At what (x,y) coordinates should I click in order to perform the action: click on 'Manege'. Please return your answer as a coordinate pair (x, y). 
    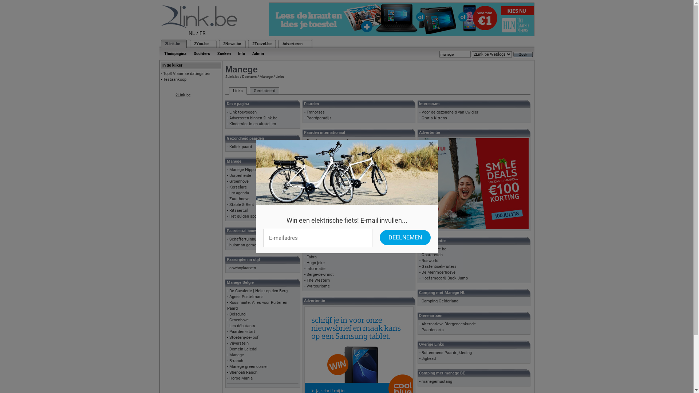
    Looking at the image, I should click on (236, 354).